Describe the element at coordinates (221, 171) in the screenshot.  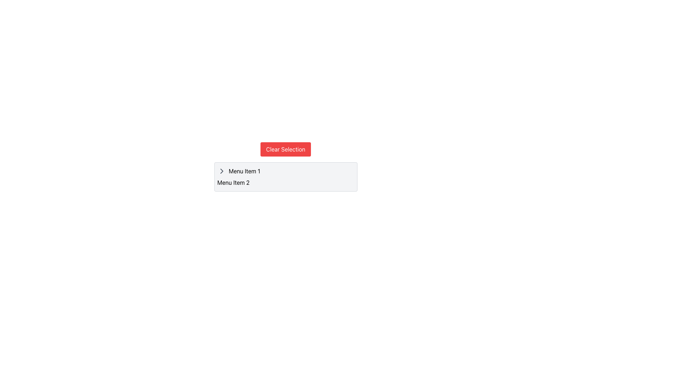
I see `the gray rightward-facing chevron icon that is positioned to the immediate left of 'Menu Item 1'` at that location.